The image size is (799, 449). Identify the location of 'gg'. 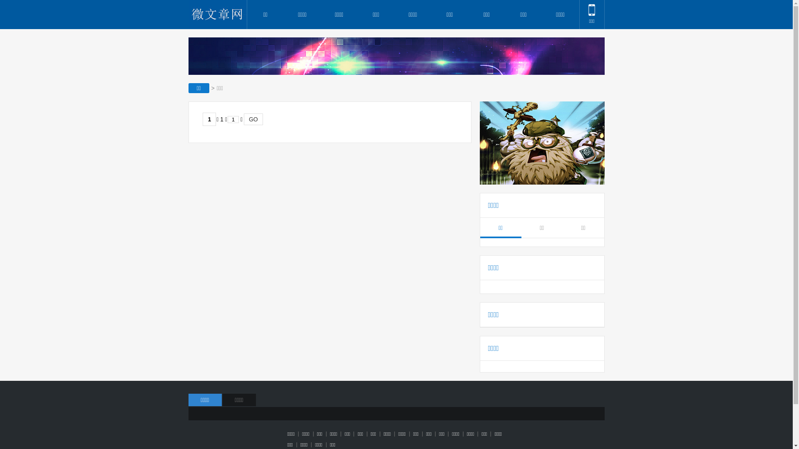
(541, 142).